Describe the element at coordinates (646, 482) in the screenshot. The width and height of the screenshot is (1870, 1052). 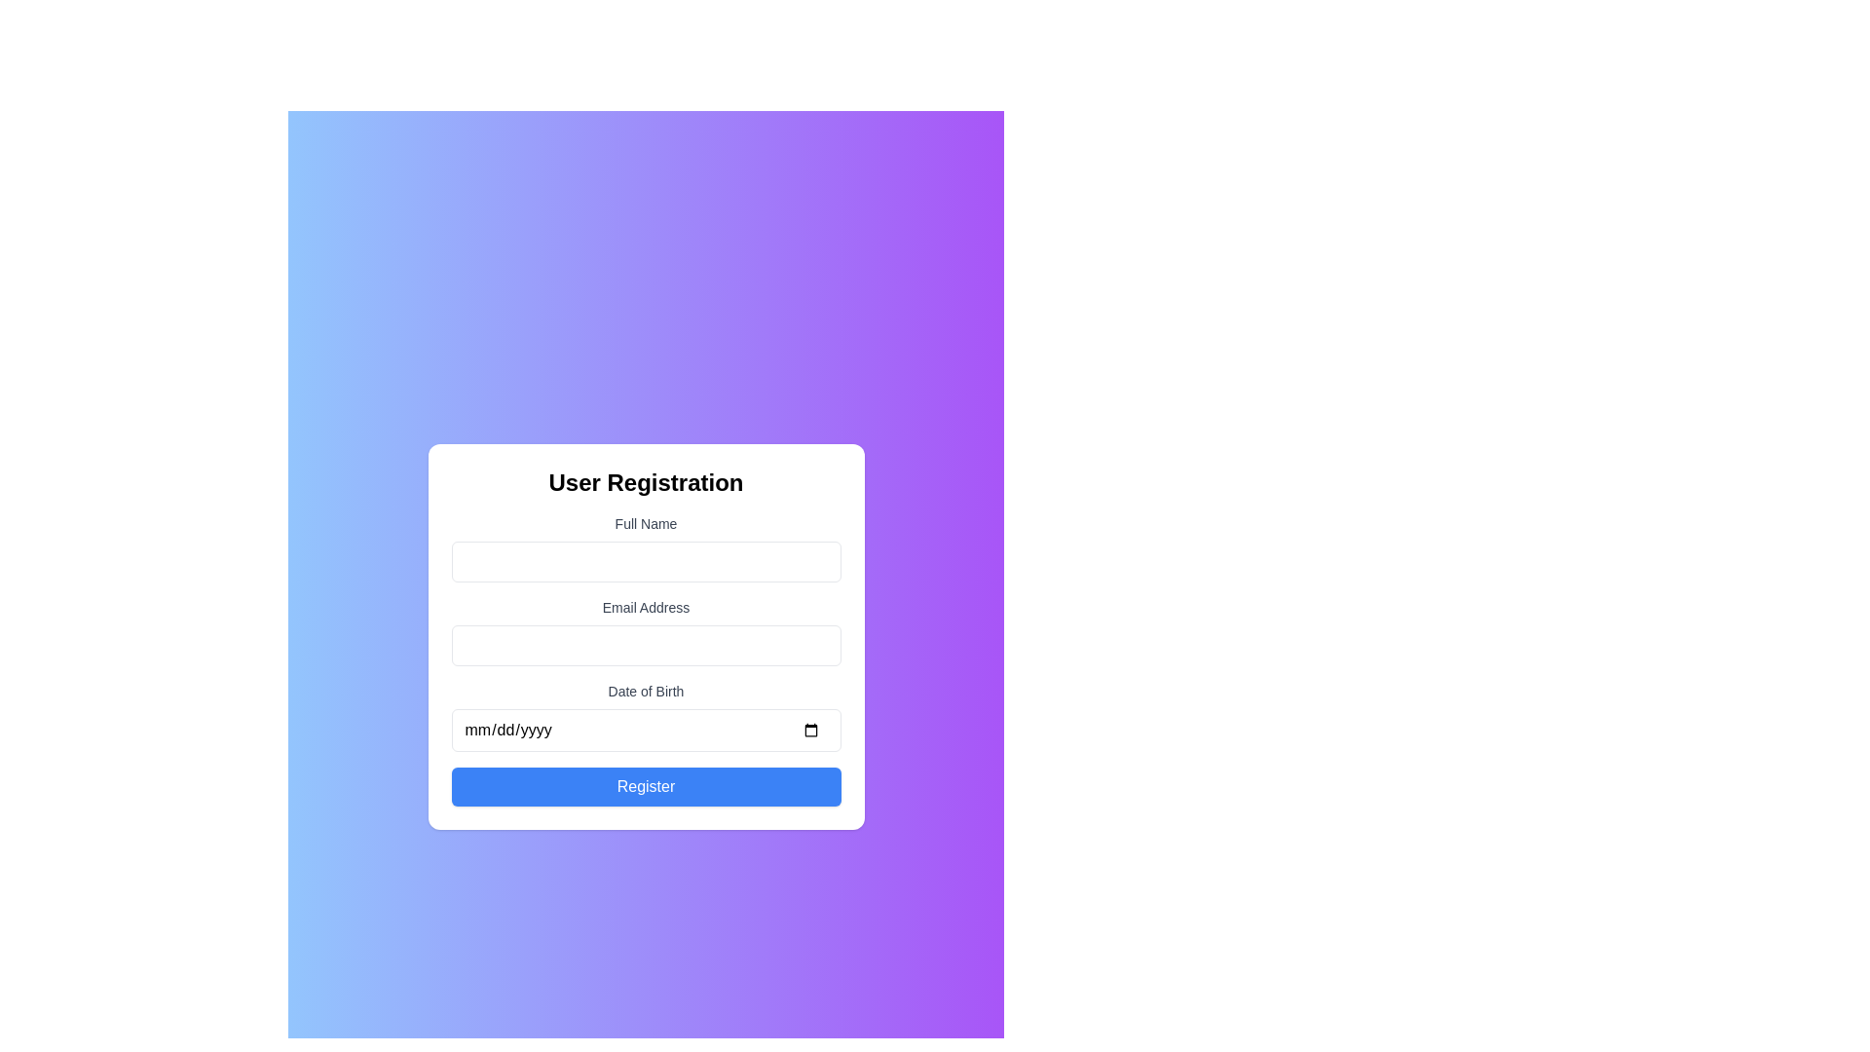
I see `the bold and centered text header displaying 'User Registration', which is positioned at the top of the form panel above the input fields and the 'Register' button` at that location.